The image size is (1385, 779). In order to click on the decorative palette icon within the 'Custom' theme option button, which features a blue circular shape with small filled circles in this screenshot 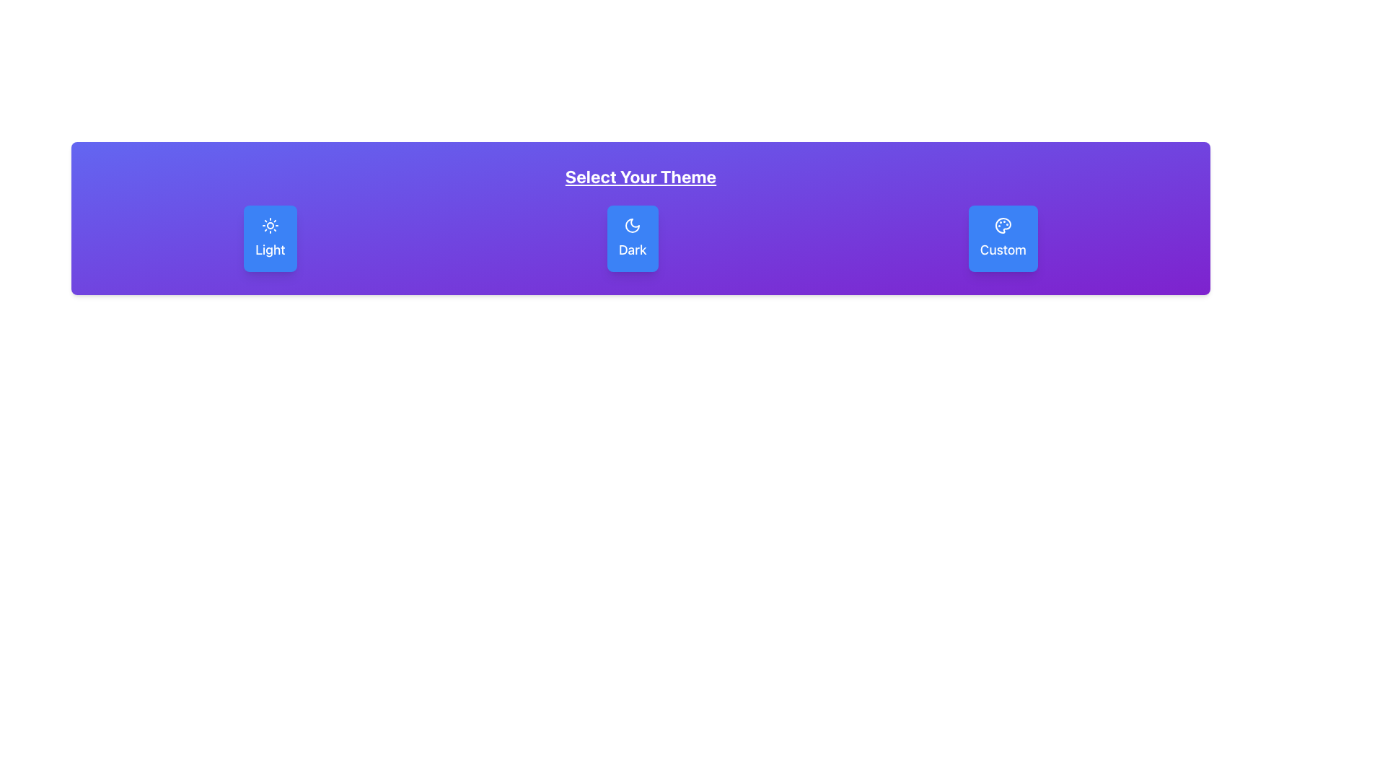, I will do `click(1002, 225)`.